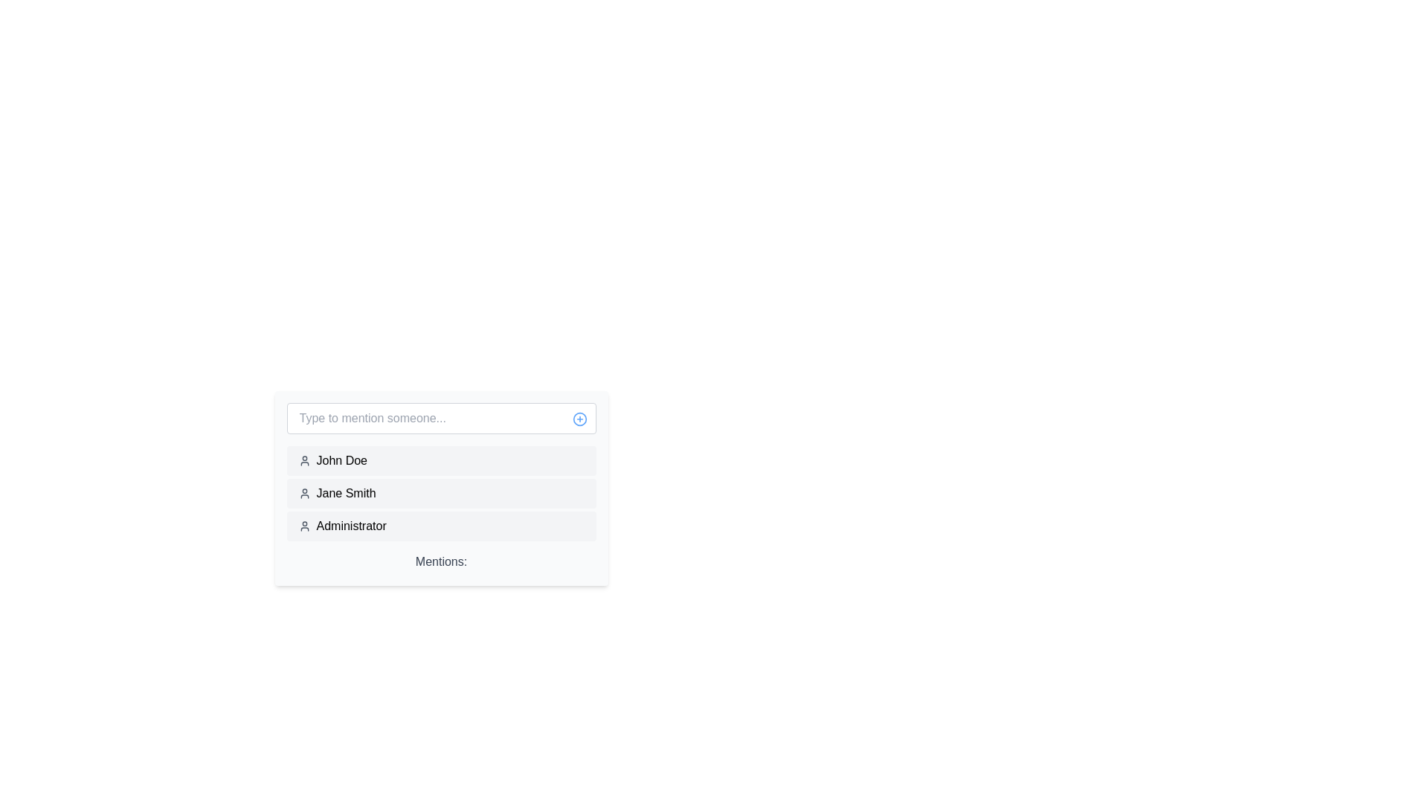 The width and height of the screenshot is (1428, 803). Describe the element at coordinates (440, 564) in the screenshot. I see `the 'Mentions:' label, which is a gray textual label located at the bottom section of the panel listing user names` at that location.